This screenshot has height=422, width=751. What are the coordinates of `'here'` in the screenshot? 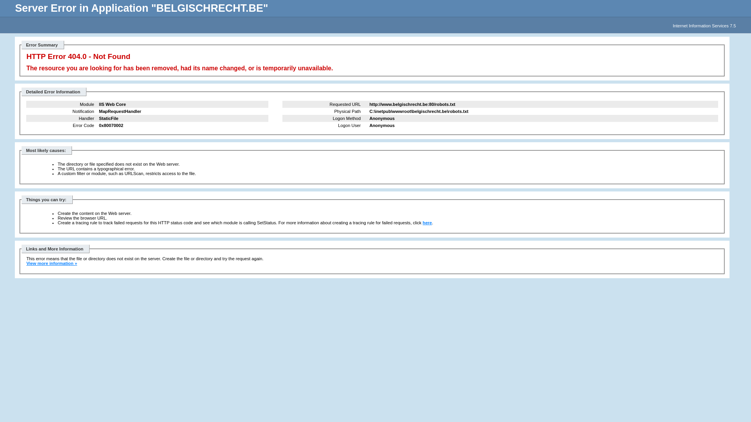 It's located at (427, 223).